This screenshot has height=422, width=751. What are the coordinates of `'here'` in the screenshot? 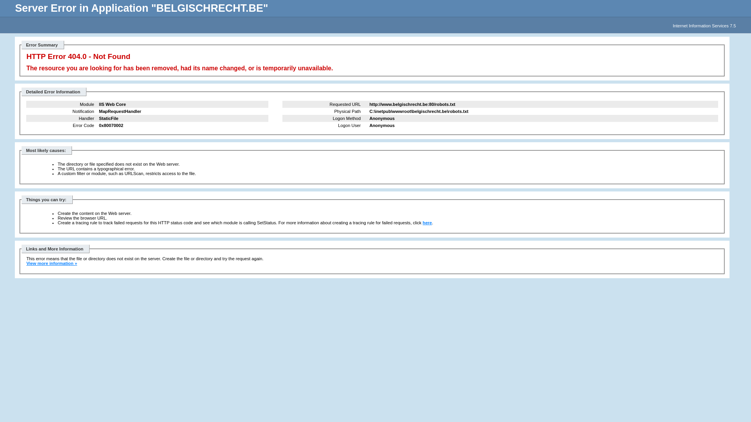 It's located at (427, 223).